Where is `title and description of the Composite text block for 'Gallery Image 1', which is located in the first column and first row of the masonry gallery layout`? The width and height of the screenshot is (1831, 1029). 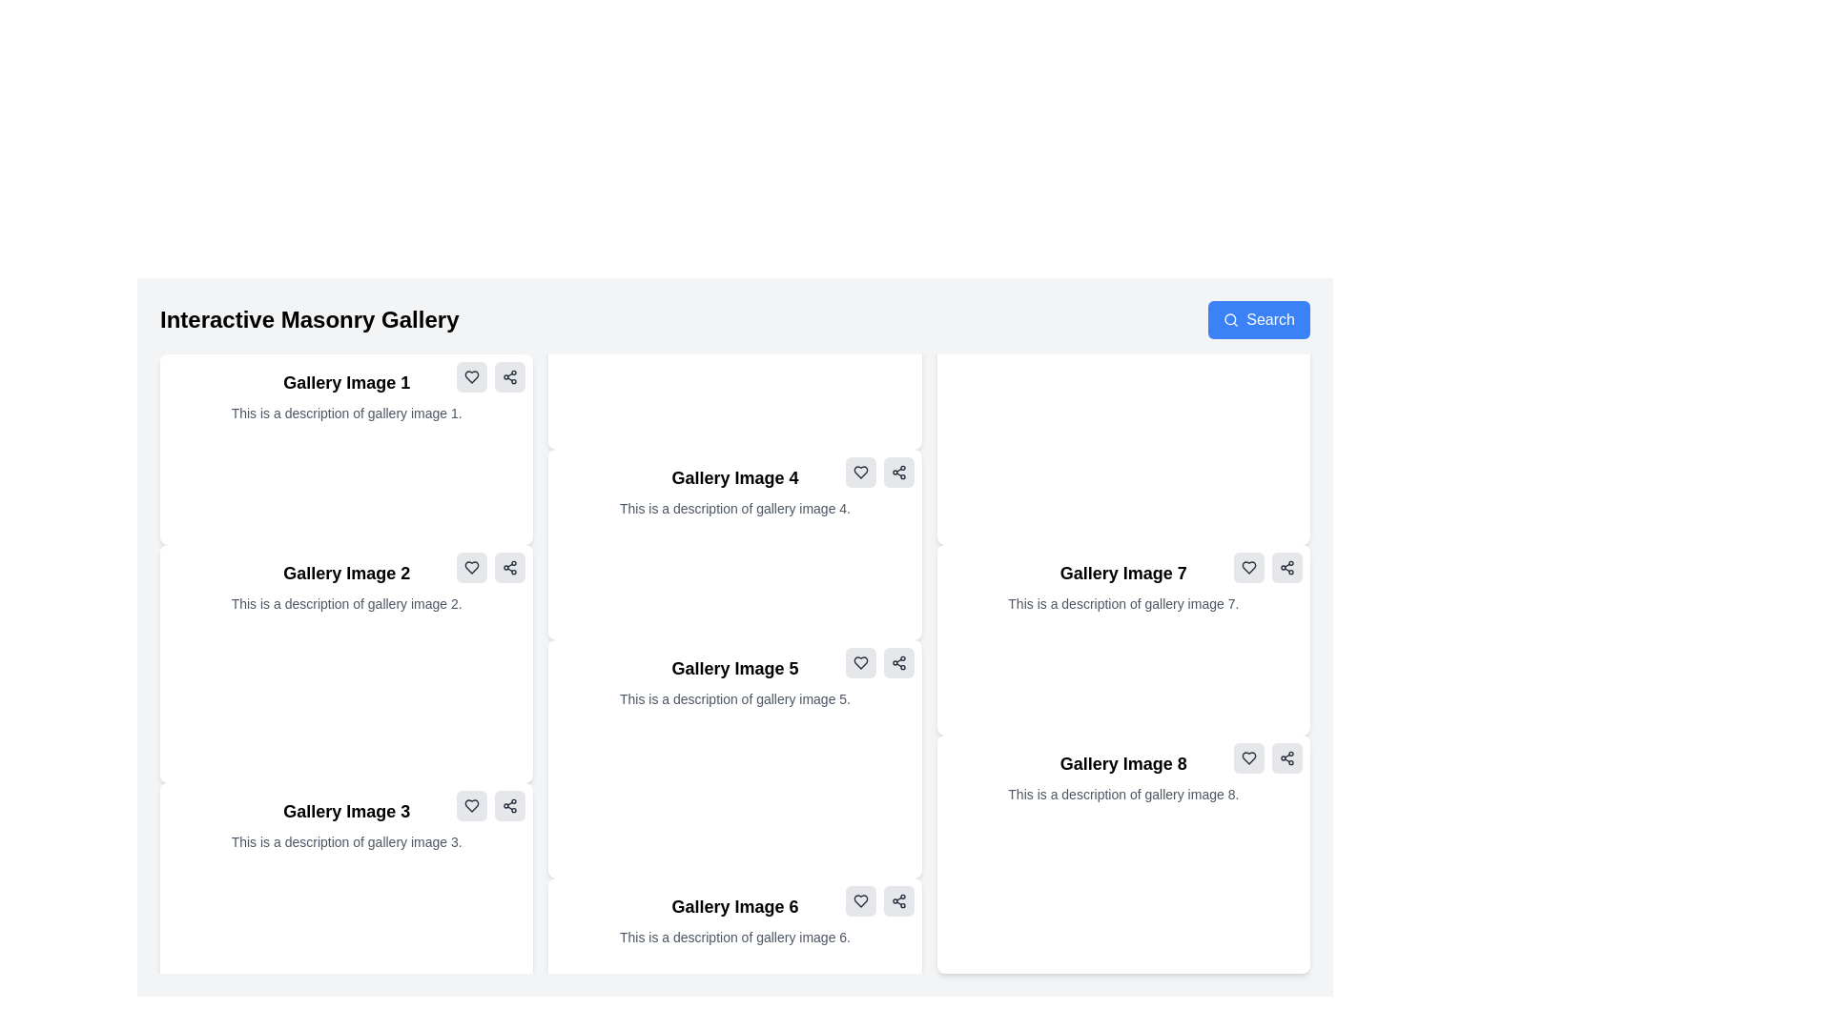
title and description of the Composite text block for 'Gallery Image 1', which is located in the first column and first row of the masonry gallery layout is located at coordinates (346, 395).